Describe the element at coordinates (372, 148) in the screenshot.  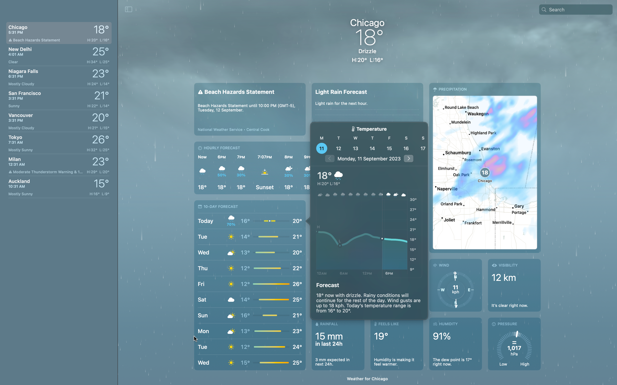
I see `Look at the forecast for the 14th` at that location.